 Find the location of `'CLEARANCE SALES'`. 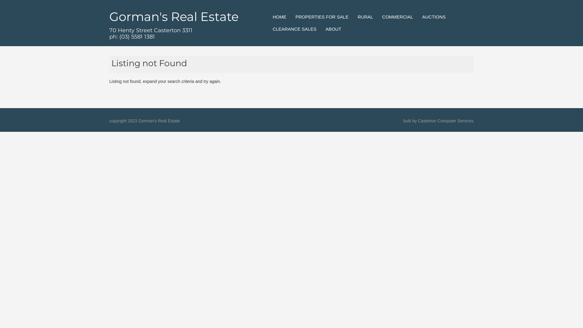

'CLEARANCE SALES' is located at coordinates (294, 29).